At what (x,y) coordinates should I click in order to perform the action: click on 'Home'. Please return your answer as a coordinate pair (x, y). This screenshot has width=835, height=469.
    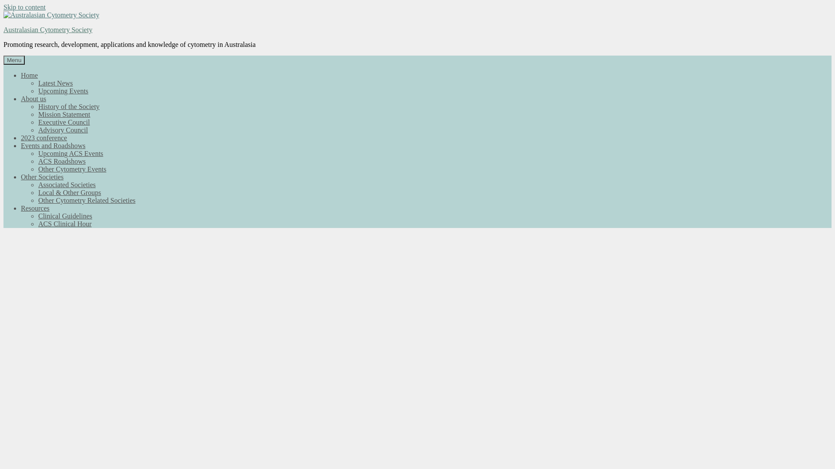
    Looking at the image, I should click on (21, 75).